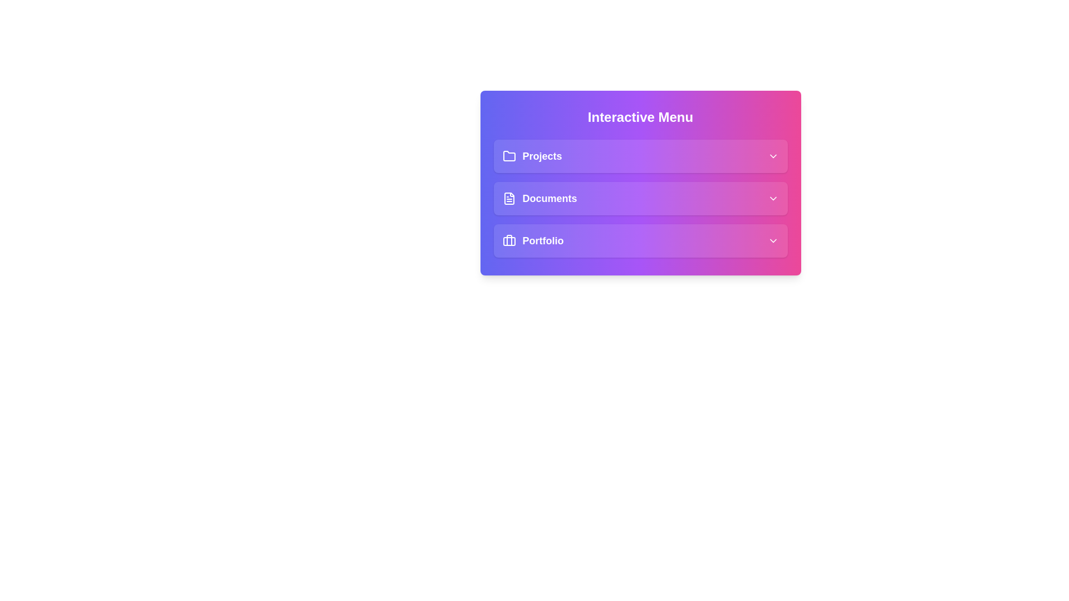 The width and height of the screenshot is (1069, 601). Describe the element at coordinates (640, 198) in the screenshot. I see `the 'Documents' tab, which is the second tab in the vertical menu` at that location.